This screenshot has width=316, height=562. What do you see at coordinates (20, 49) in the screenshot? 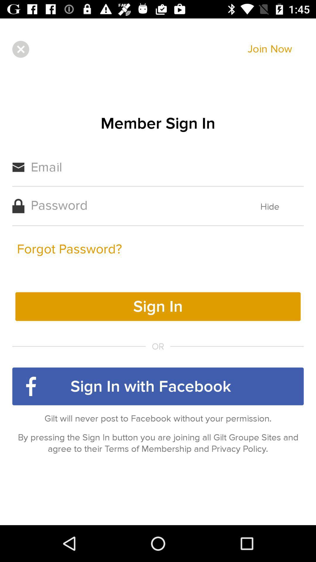
I see `the icon above member sign in icon` at bounding box center [20, 49].